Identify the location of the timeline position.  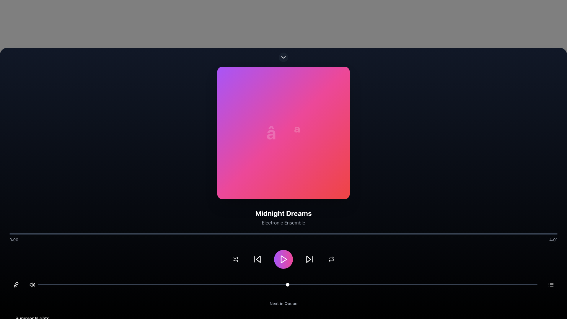
(457, 284).